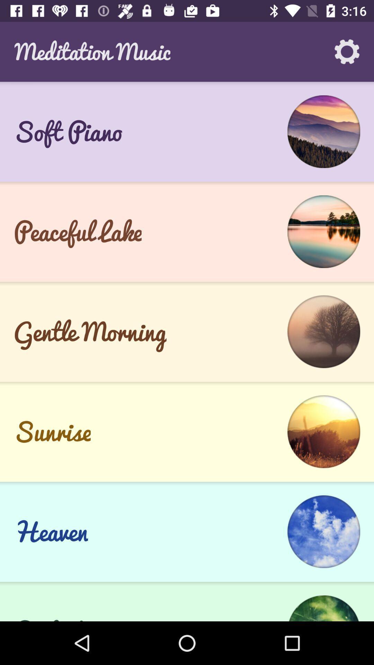  I want to click on the perfect rain app, so click(76, 616).